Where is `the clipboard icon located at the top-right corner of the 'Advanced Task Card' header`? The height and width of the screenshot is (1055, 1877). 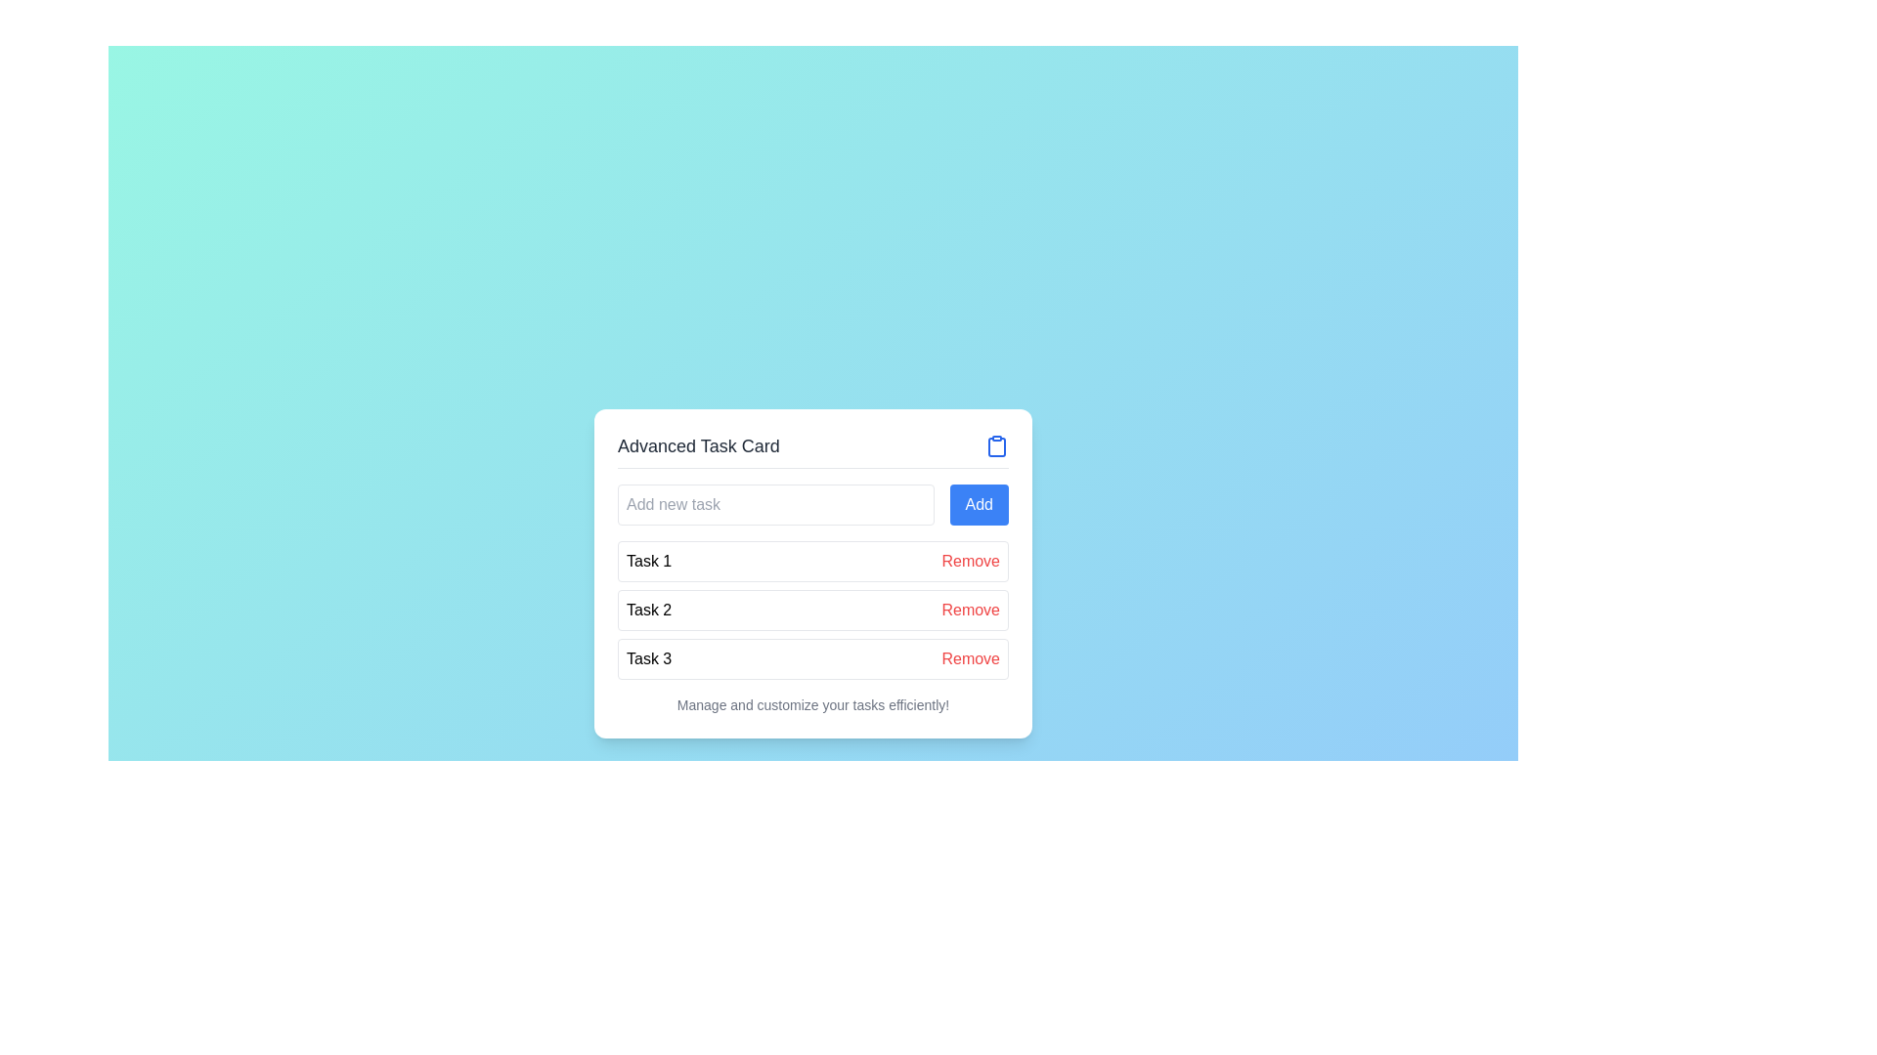
the clipboard icon located at the top-right corner of the 'Advanced Task Card' header is located at coordinates (996, 445).